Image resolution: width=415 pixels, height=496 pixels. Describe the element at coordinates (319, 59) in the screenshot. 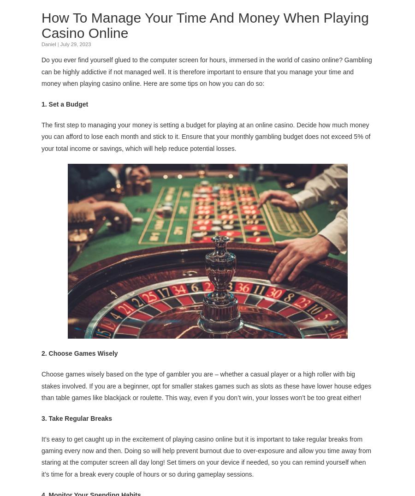

I see `'casino online'` at that location.